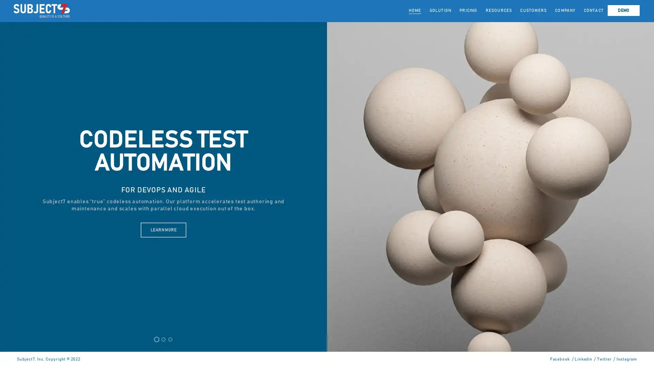 The image size is (654, 367). What do you see at coordinates (163, 335) in the screenshot?
I see `Go to slide 2` at bounding box center [163, 335].